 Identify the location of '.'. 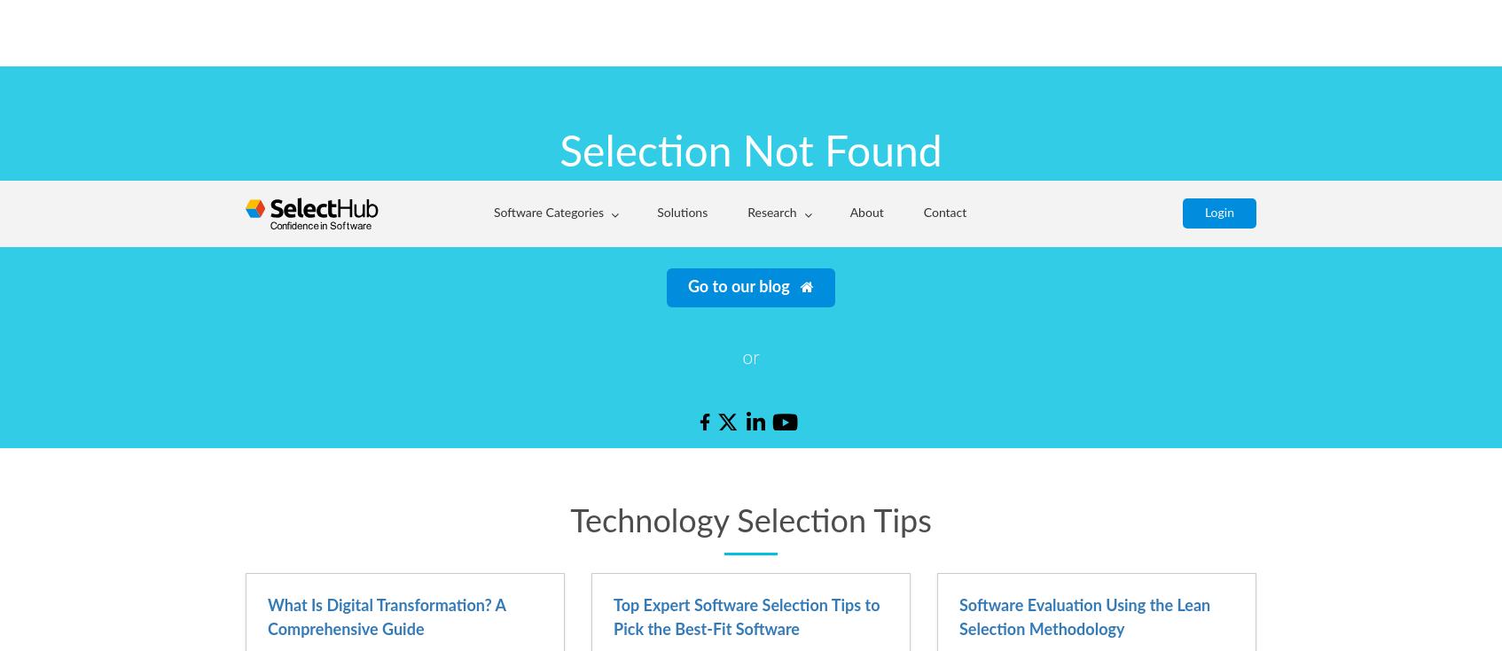
(1033, 33).